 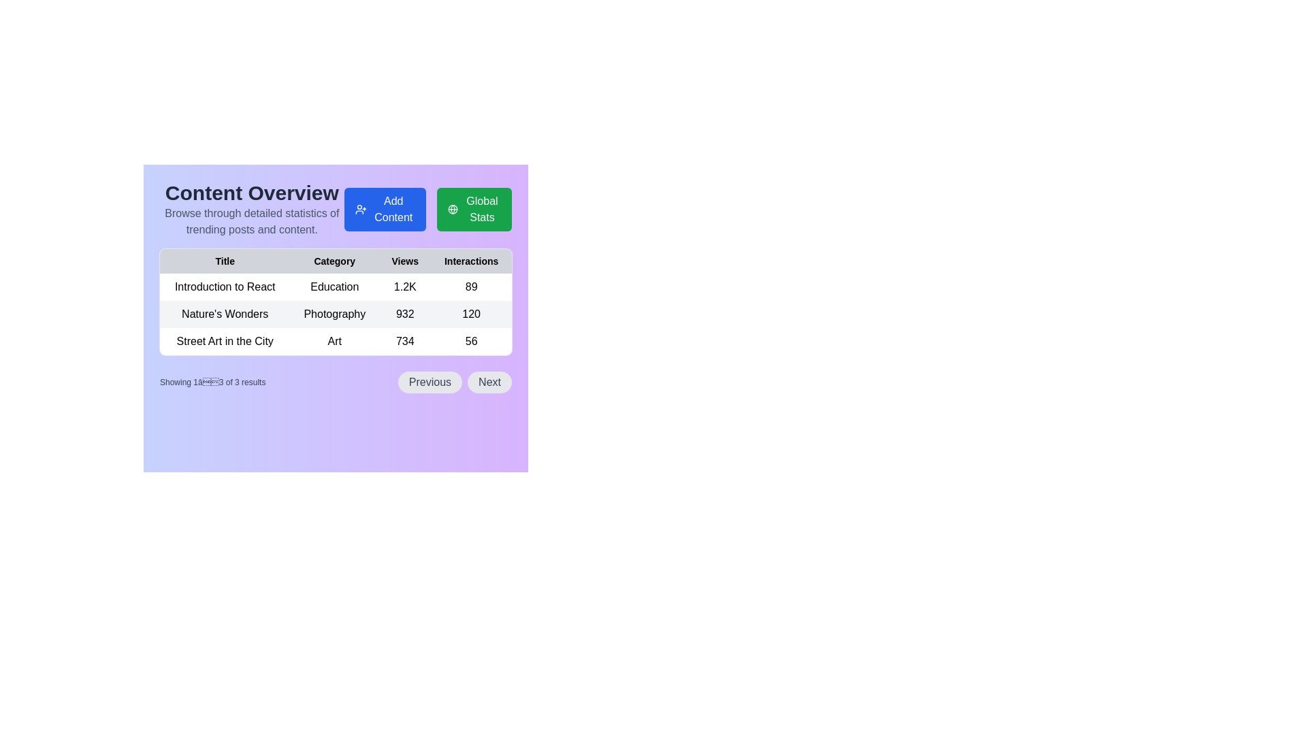 I want to click on the text label displaying 'Street Art in the City' located in the leftmost cell of the last row of a gray-shaded table beneath the 'Content Overview' header, so click(x=225, y=340).